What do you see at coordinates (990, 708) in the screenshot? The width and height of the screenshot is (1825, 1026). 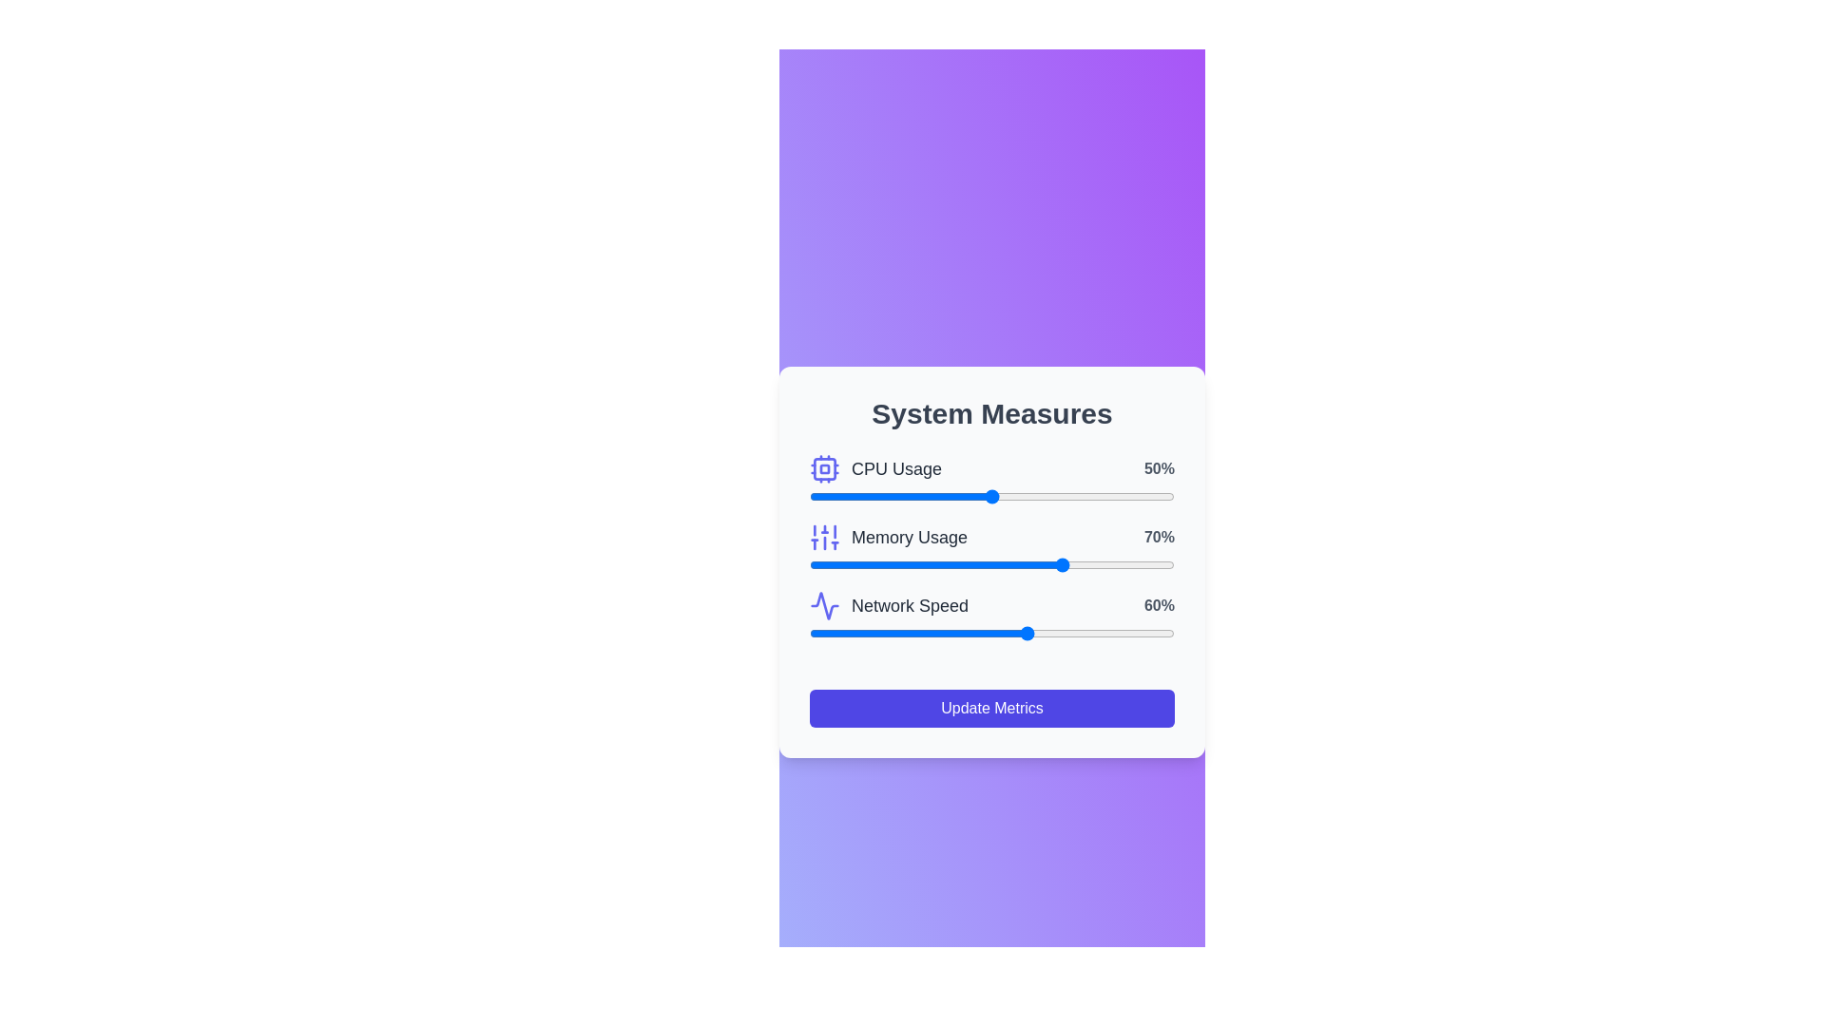 I see `the 'Update Metrics' button to trigger the update action` at bounding box center [990, 708].